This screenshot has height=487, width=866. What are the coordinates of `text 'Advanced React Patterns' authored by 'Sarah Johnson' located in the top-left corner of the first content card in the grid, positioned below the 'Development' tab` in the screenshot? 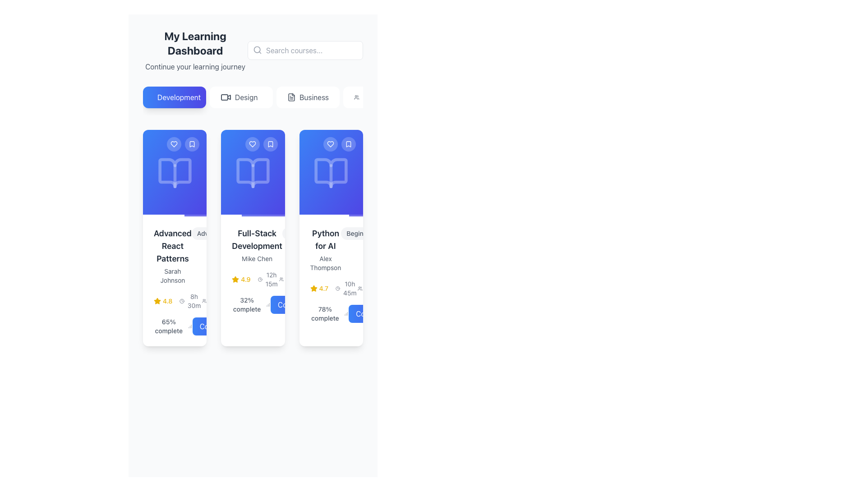 It's located at (175, 256).